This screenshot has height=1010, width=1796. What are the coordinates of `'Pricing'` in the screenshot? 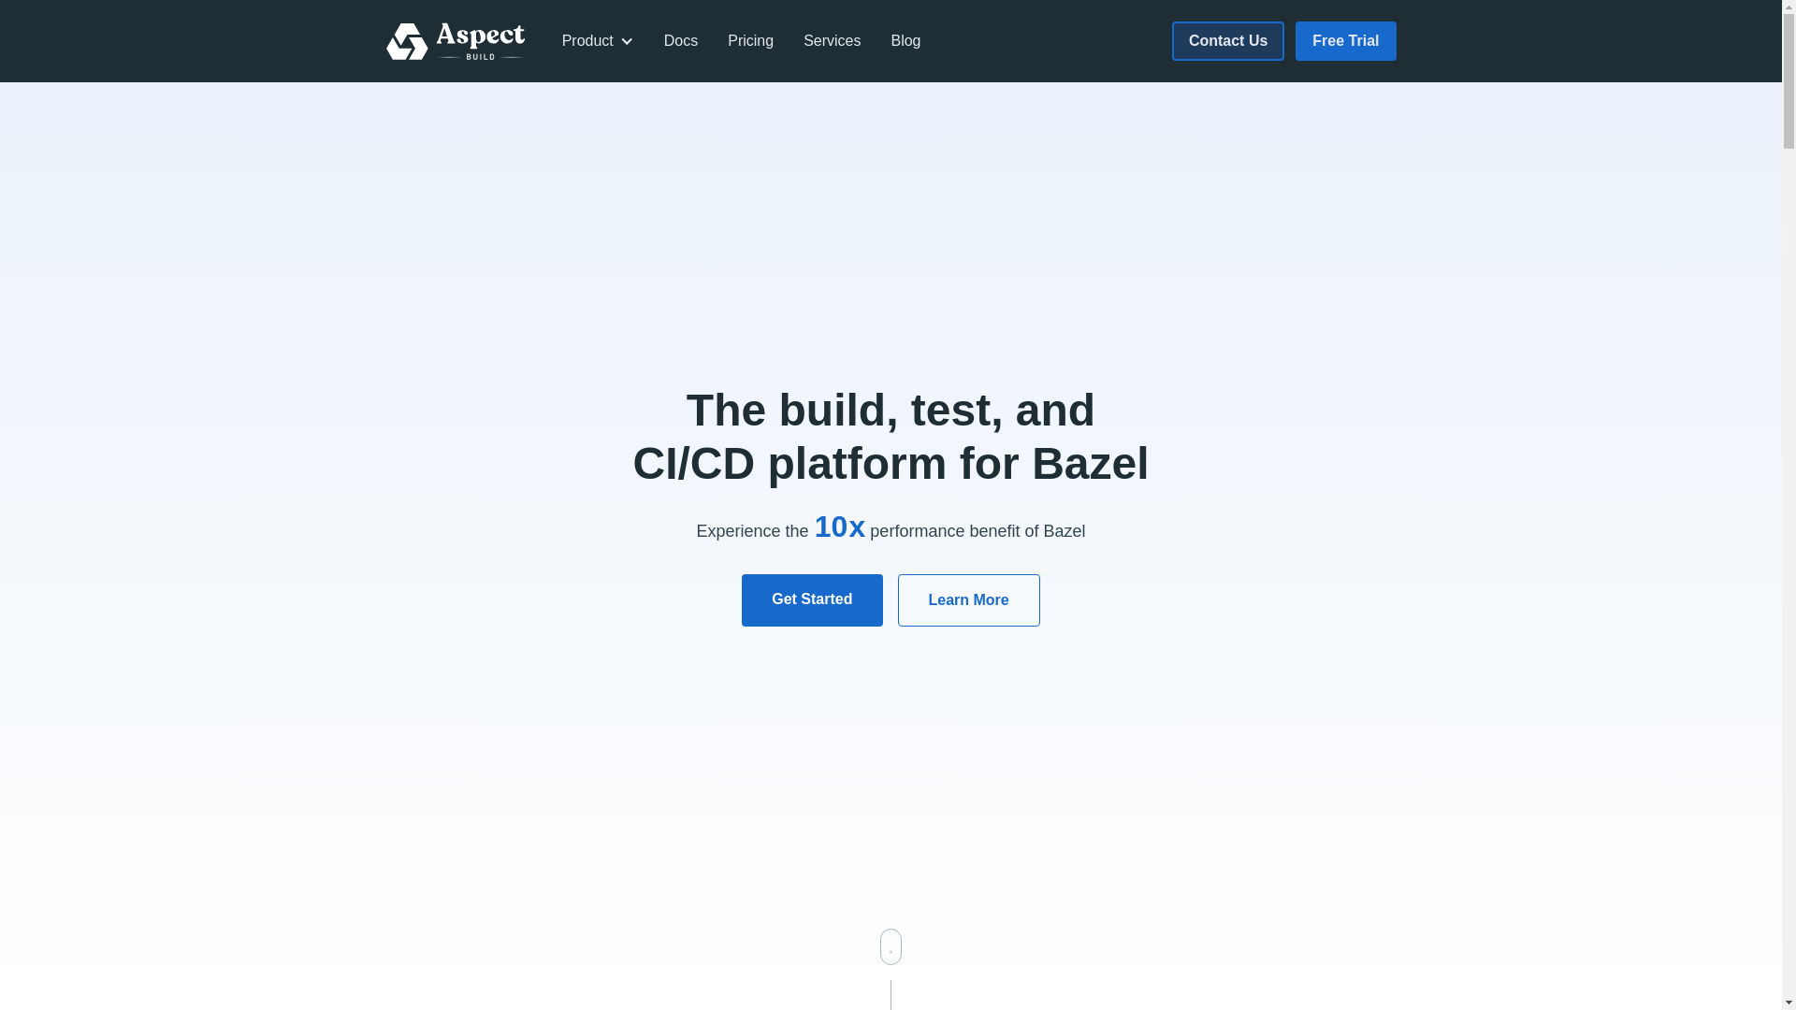 It's located at (750, 40).